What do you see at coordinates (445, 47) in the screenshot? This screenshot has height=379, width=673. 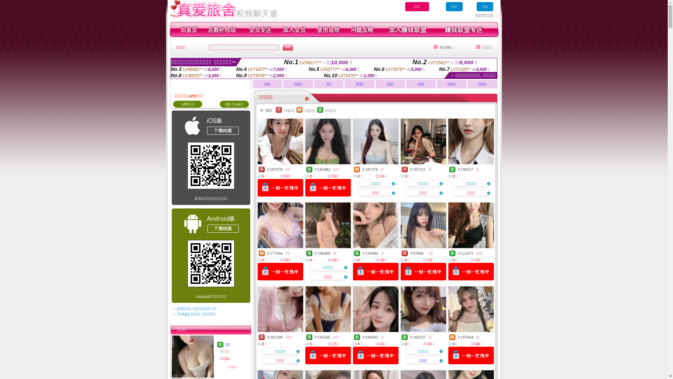 I see `'HOME'` at bounding box center [445, 47].